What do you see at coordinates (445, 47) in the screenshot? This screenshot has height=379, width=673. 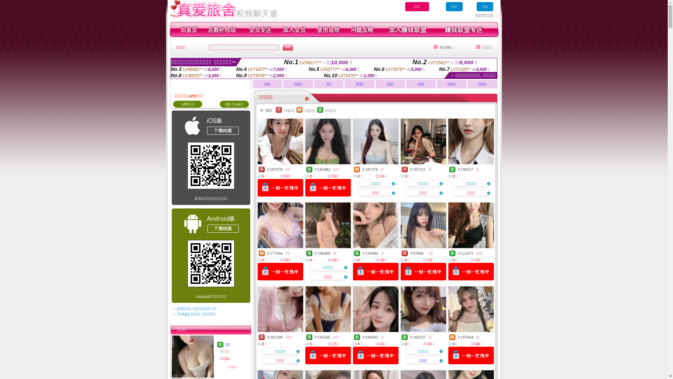 I see `'HOME'` at bounding box center [445, 47].